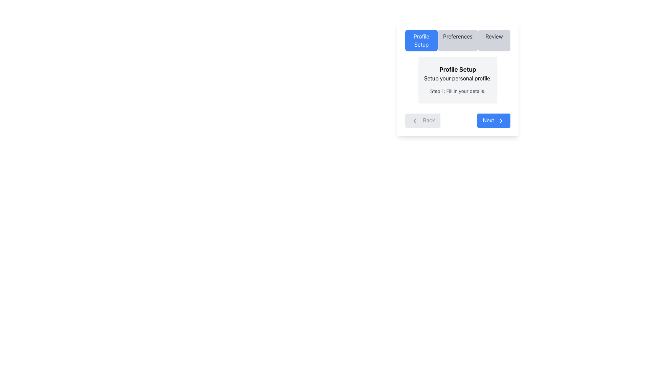 The width and height of the screenshot is (649, 365). What do you see at coordinates (501, 120) in the screenshot?
I see `the right-pointing arrow icon within the 'Next' button located in the bottom right corner of the interface` at bounding box center [501, 120].